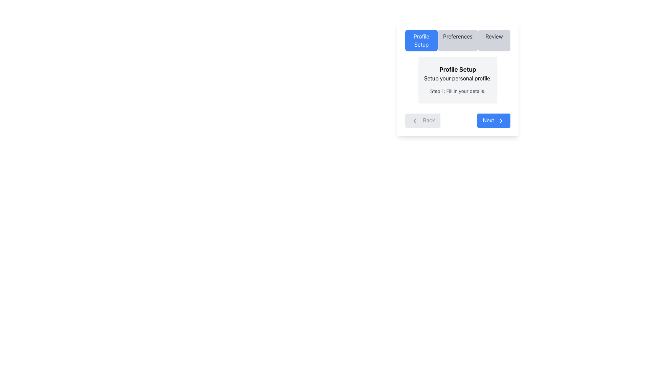 The width and height of the screenshot is (649, 365). What do you see at coordinates (501, 120) in the screenshot?
I see `the right-pointing arrow icon within the 'Next' button located in the bottom right corner of the interface` at bounding box center [501, 120].